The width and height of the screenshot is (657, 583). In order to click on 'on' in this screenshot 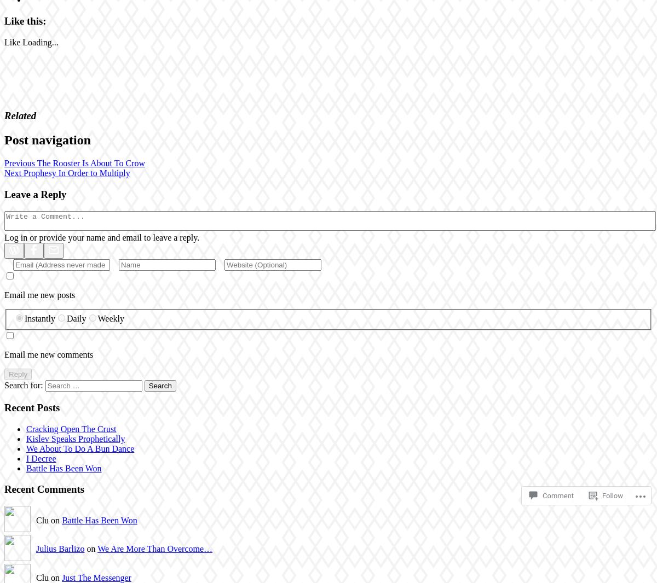, I will do `click(90, 548)`.